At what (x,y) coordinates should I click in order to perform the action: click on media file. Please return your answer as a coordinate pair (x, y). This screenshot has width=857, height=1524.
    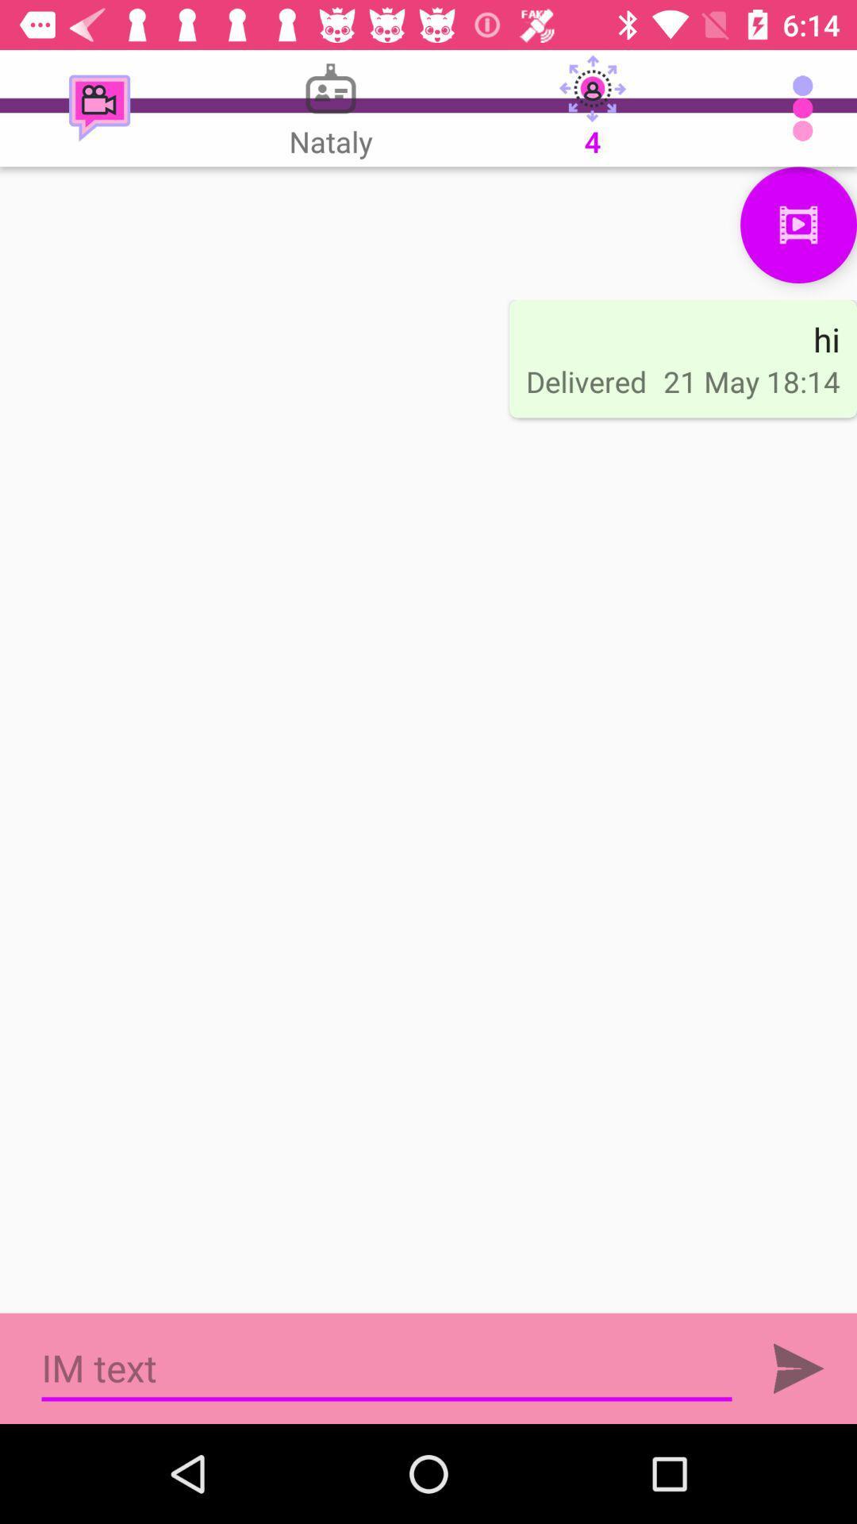
    Looking at the image, I should click on (798, 224).